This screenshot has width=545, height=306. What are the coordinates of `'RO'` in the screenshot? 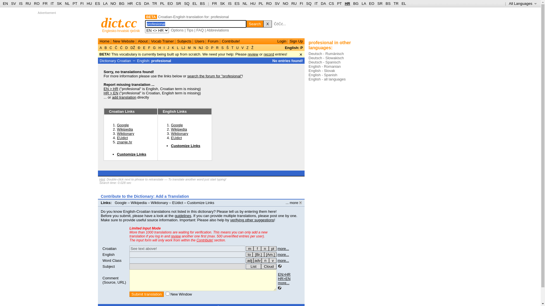 It's located at (36, 3).